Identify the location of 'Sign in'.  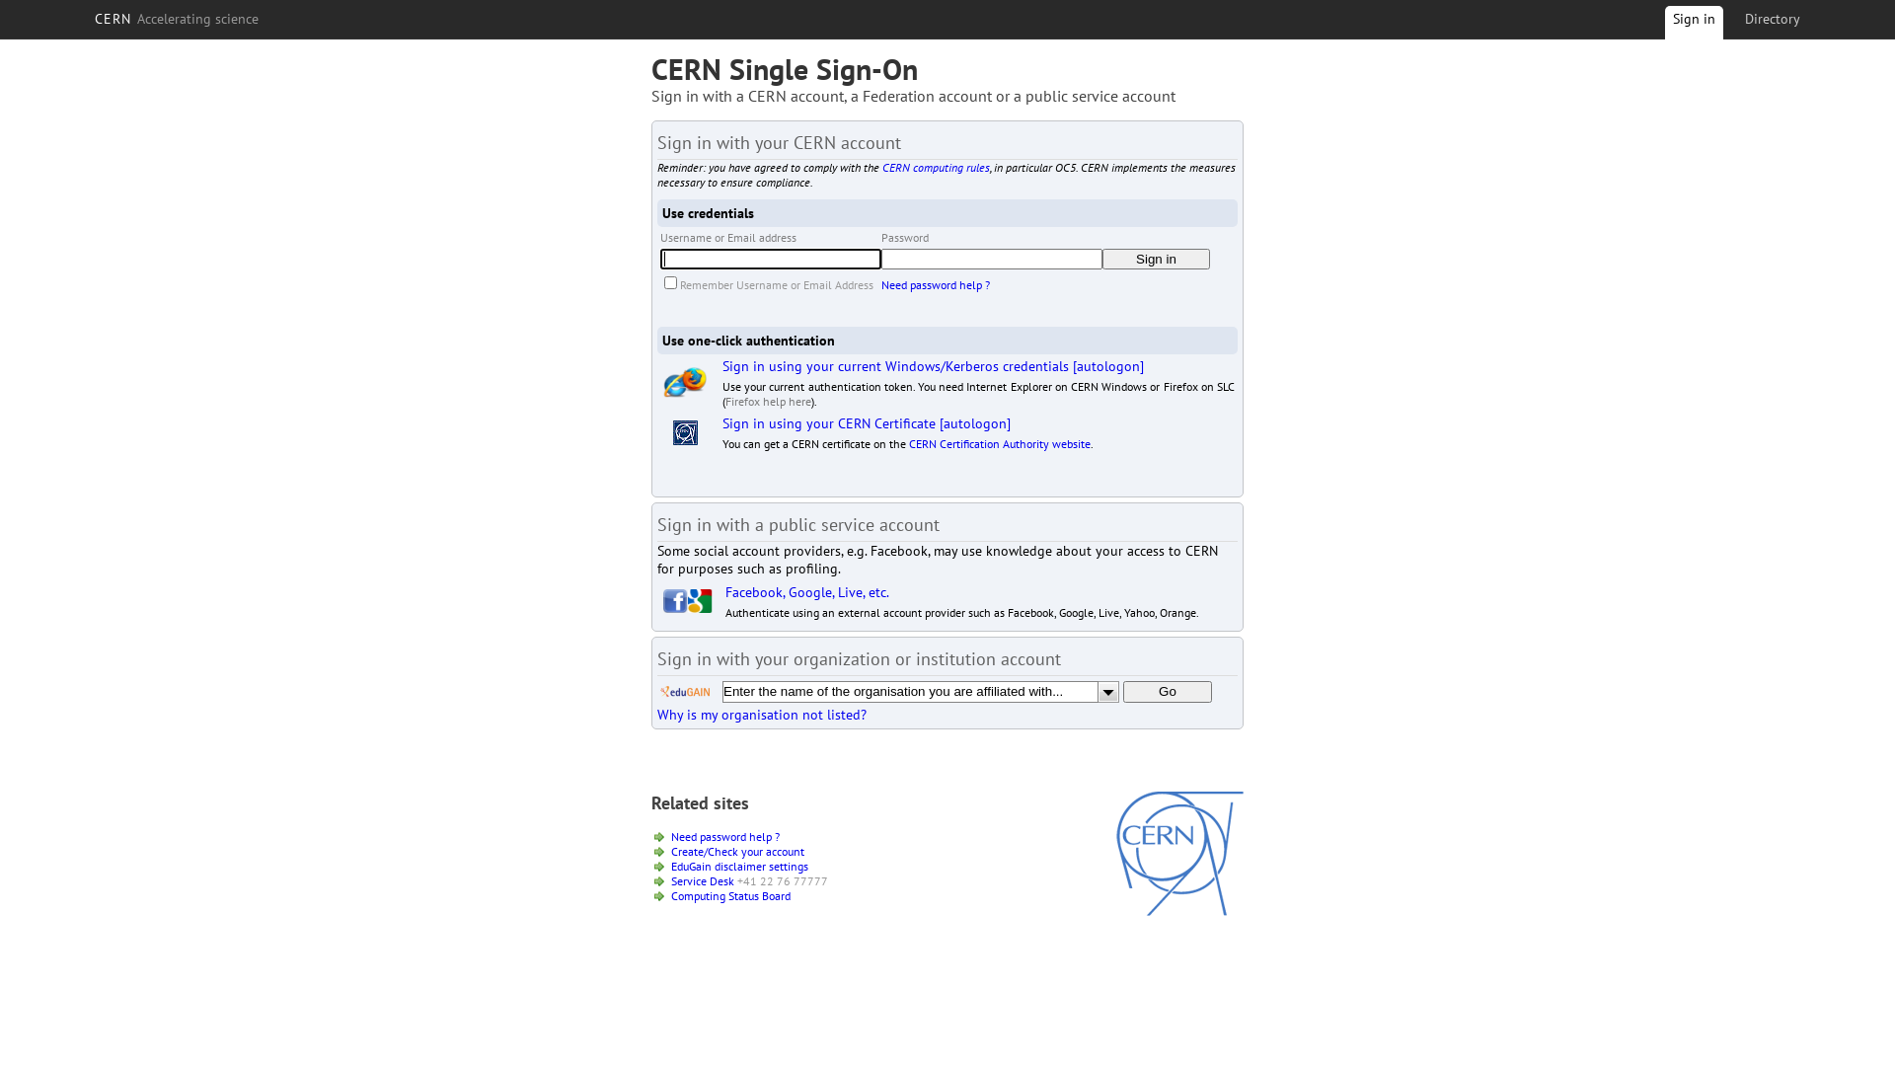
(1156, 258).